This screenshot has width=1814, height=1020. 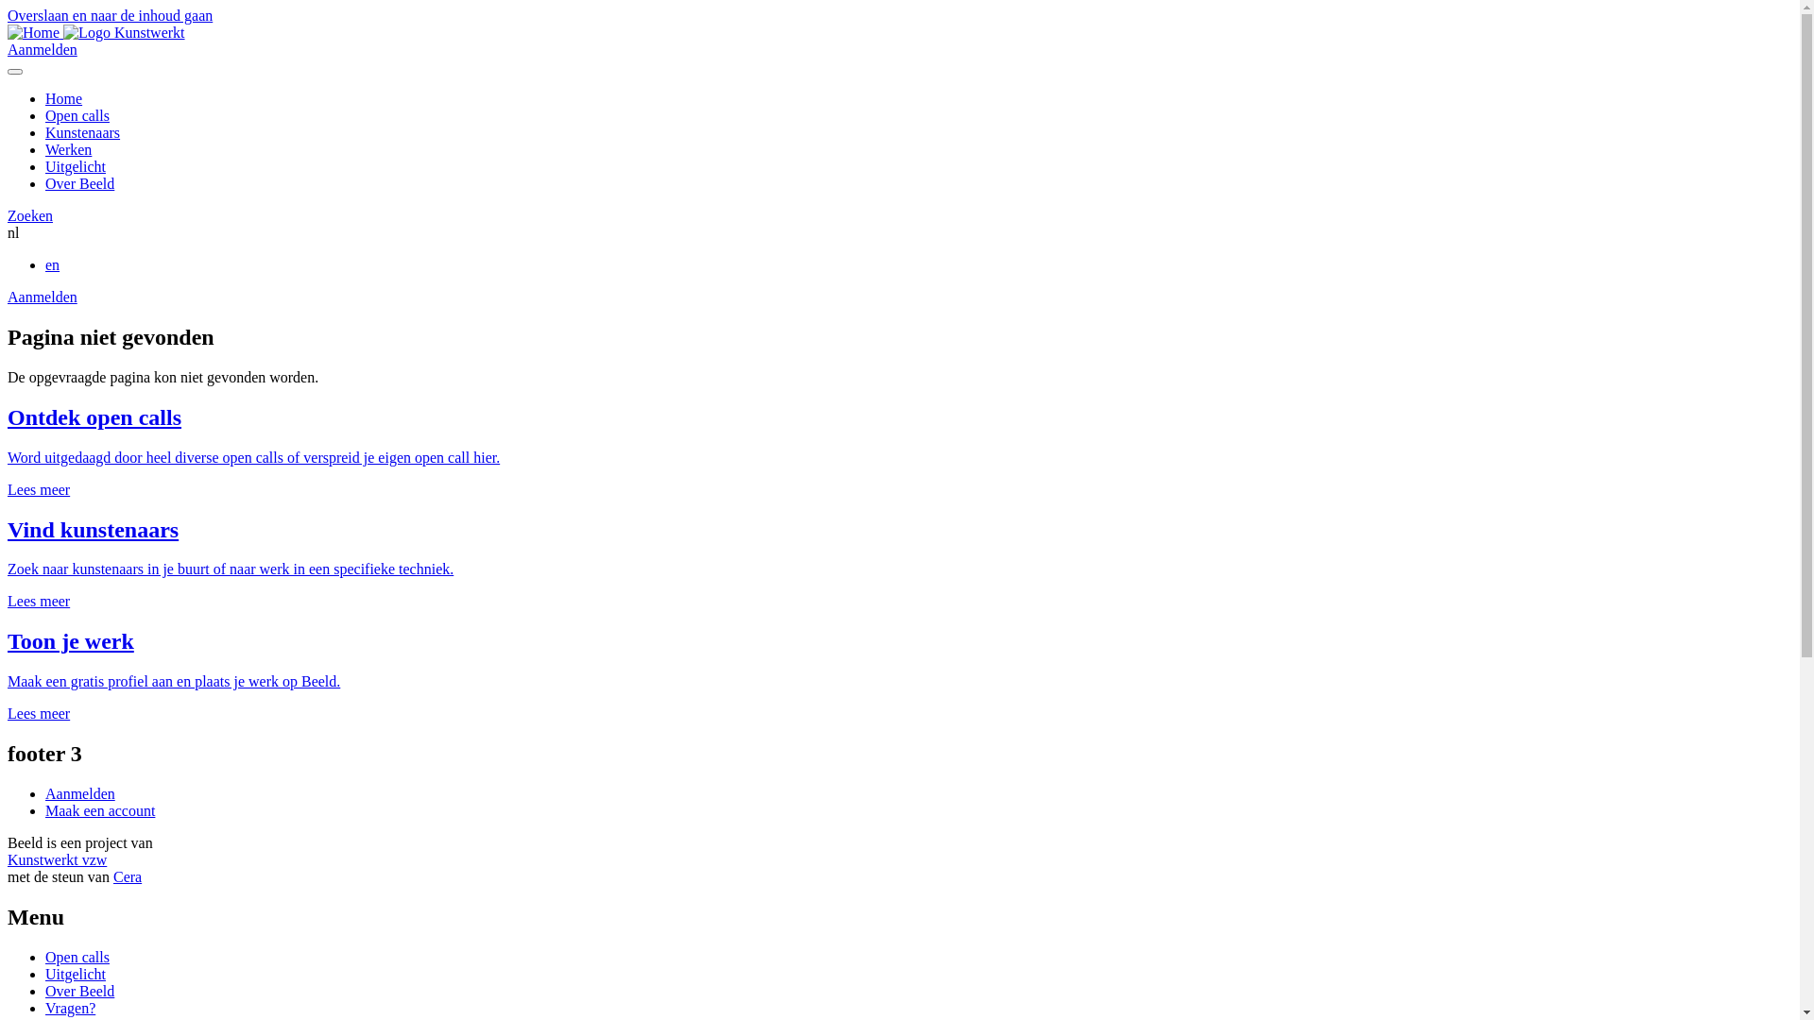 I want to click on 'Uitgelicht', so click(x=76, y=974).